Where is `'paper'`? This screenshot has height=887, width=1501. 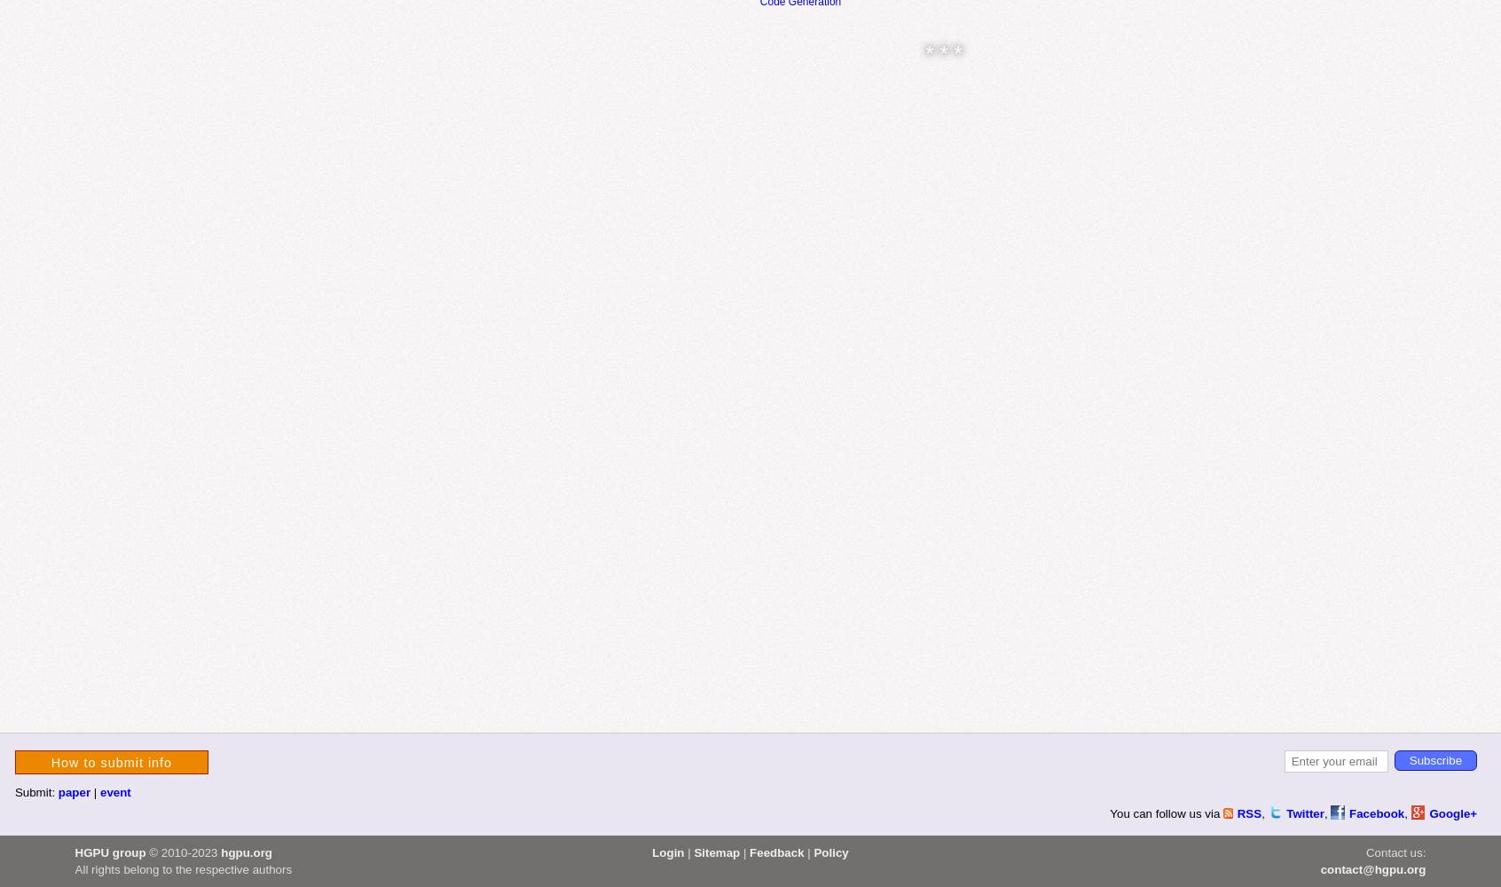
'paper' is located at coordinates (74, 791).